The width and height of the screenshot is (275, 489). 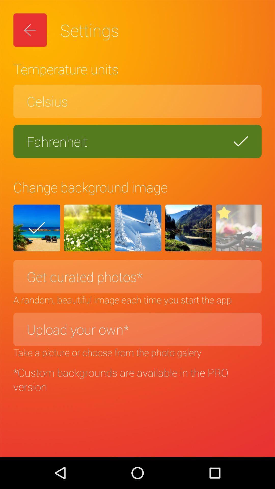 What do you see at coordinates (188, 228) in the screenshot?
I see `the icon below change background image icon` at bounding box center [188, 228].